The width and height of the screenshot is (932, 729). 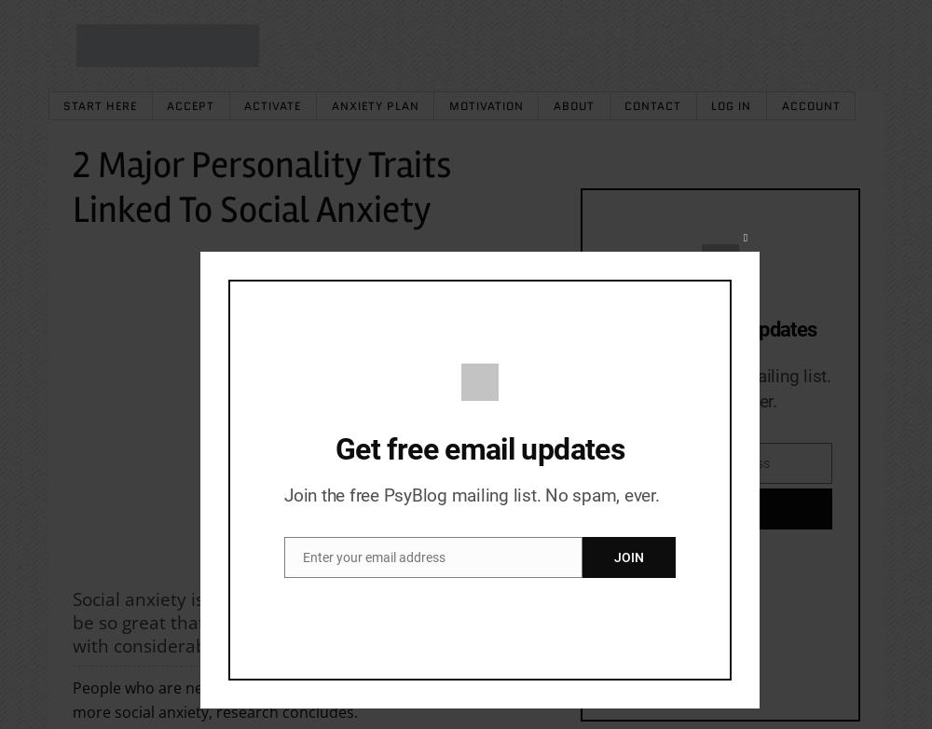 What do you see at coordinates (720, 389) in the screenshot?
I see `'Join the PsyBlog mailing list. No spam, ever.'` at bounding box center [720, 389].